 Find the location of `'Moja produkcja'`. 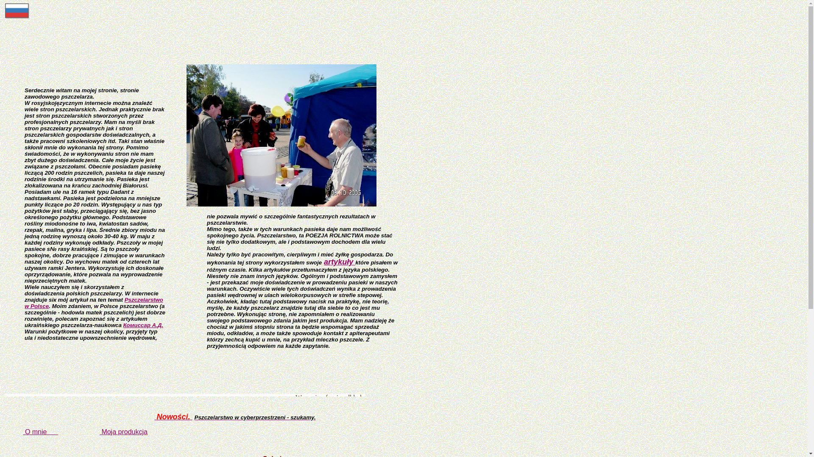

'Moja produkcja' is located at coordinates (123, 432).